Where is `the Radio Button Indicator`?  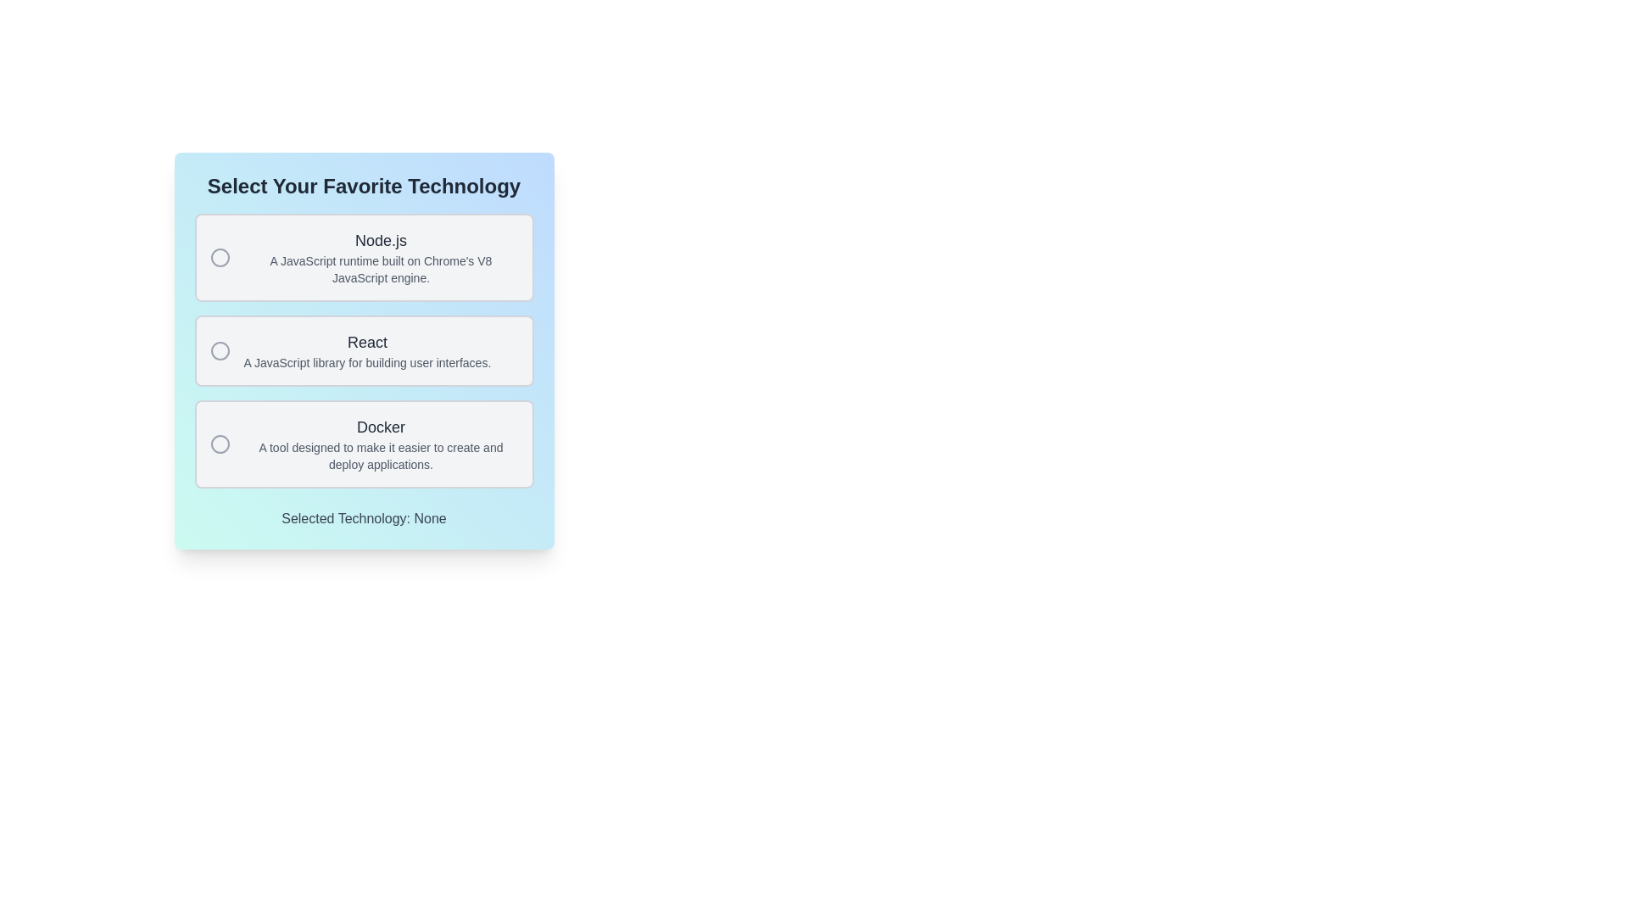
the Radio Button Indicator is located at coordinates (219, 258).